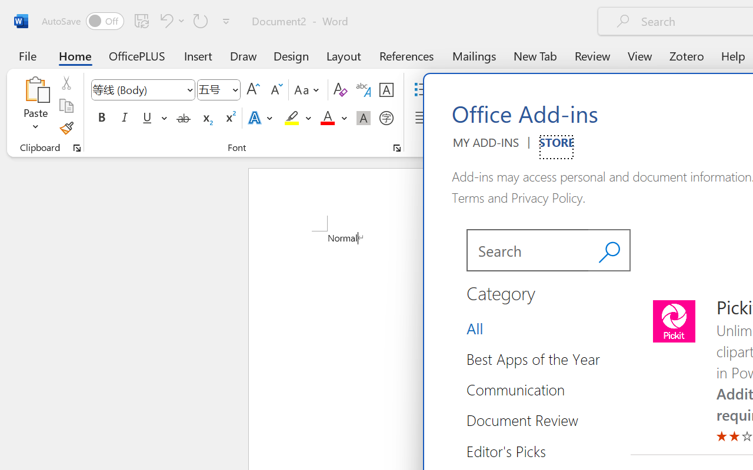  Describe the element at coordinates (308, 90) in the screenshot. I see `'Change Case'` at that location.